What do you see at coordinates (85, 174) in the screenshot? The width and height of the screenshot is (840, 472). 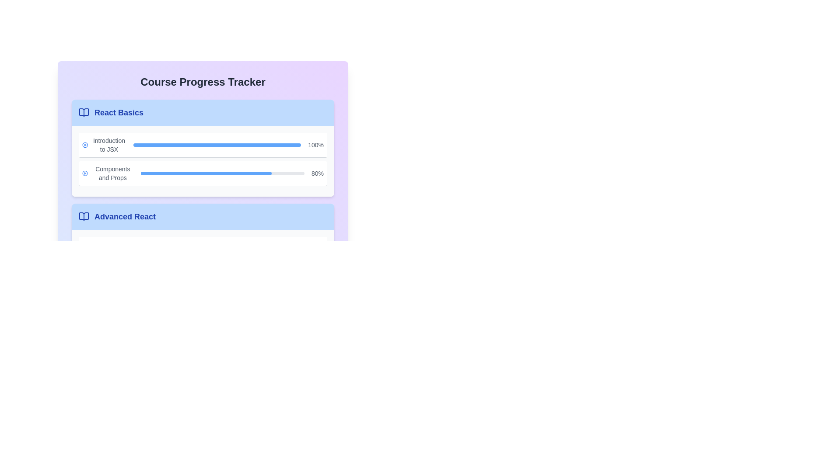 I see `the blue circular play button icon with a white triangle, located to the left of the text 'Components and Props' in the 'React Basics' section` at bounding box center [85, 174].